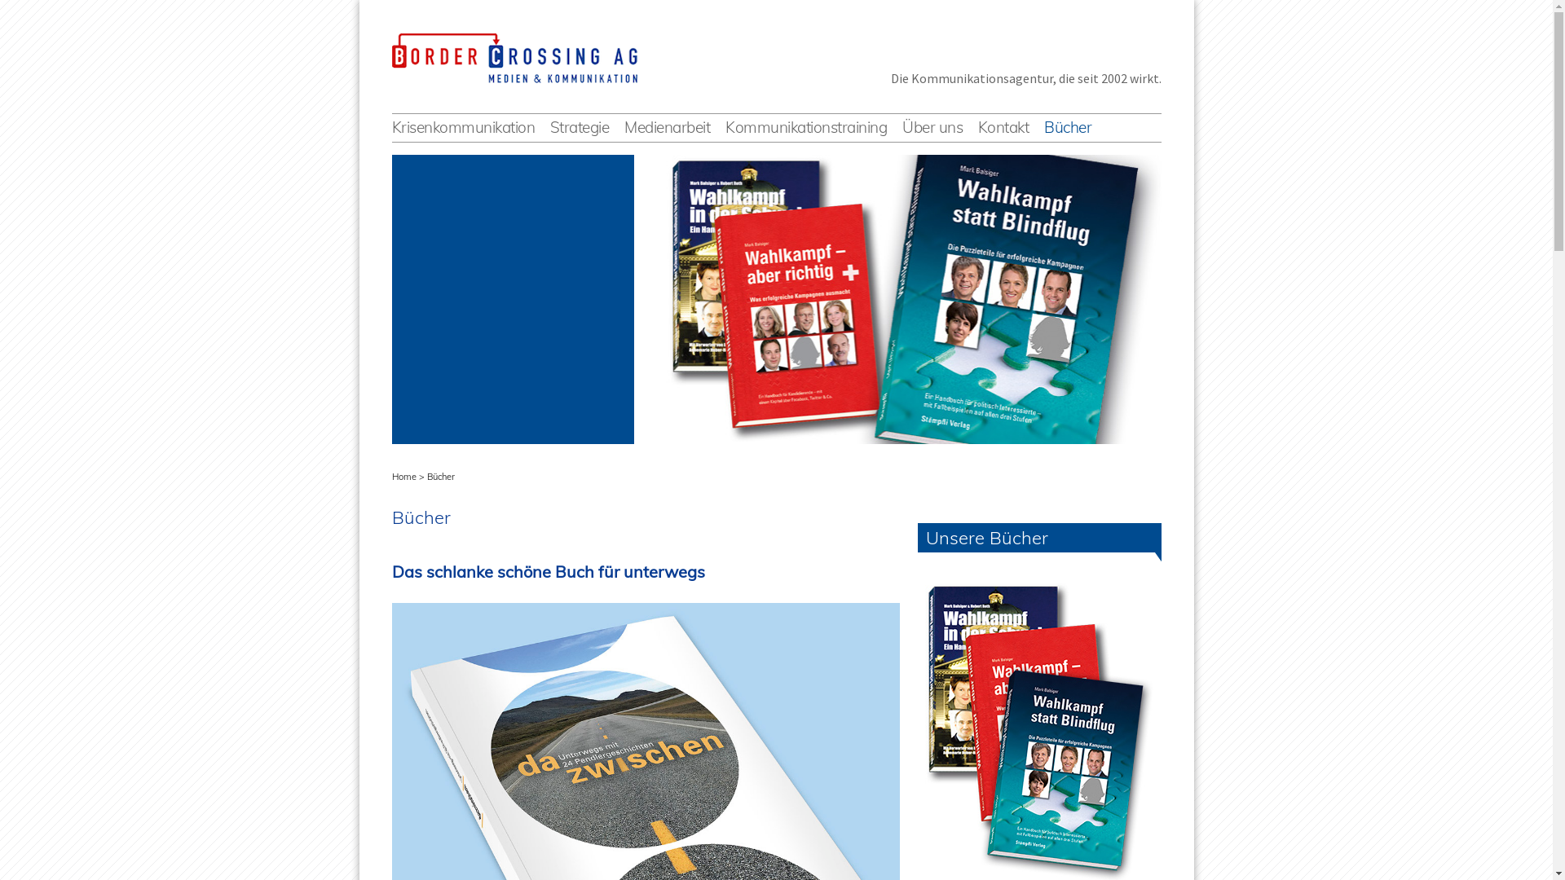  Describe the element at coordinates (624, 126) in the screenshot. I see `'Medienarbeit'` at that location.